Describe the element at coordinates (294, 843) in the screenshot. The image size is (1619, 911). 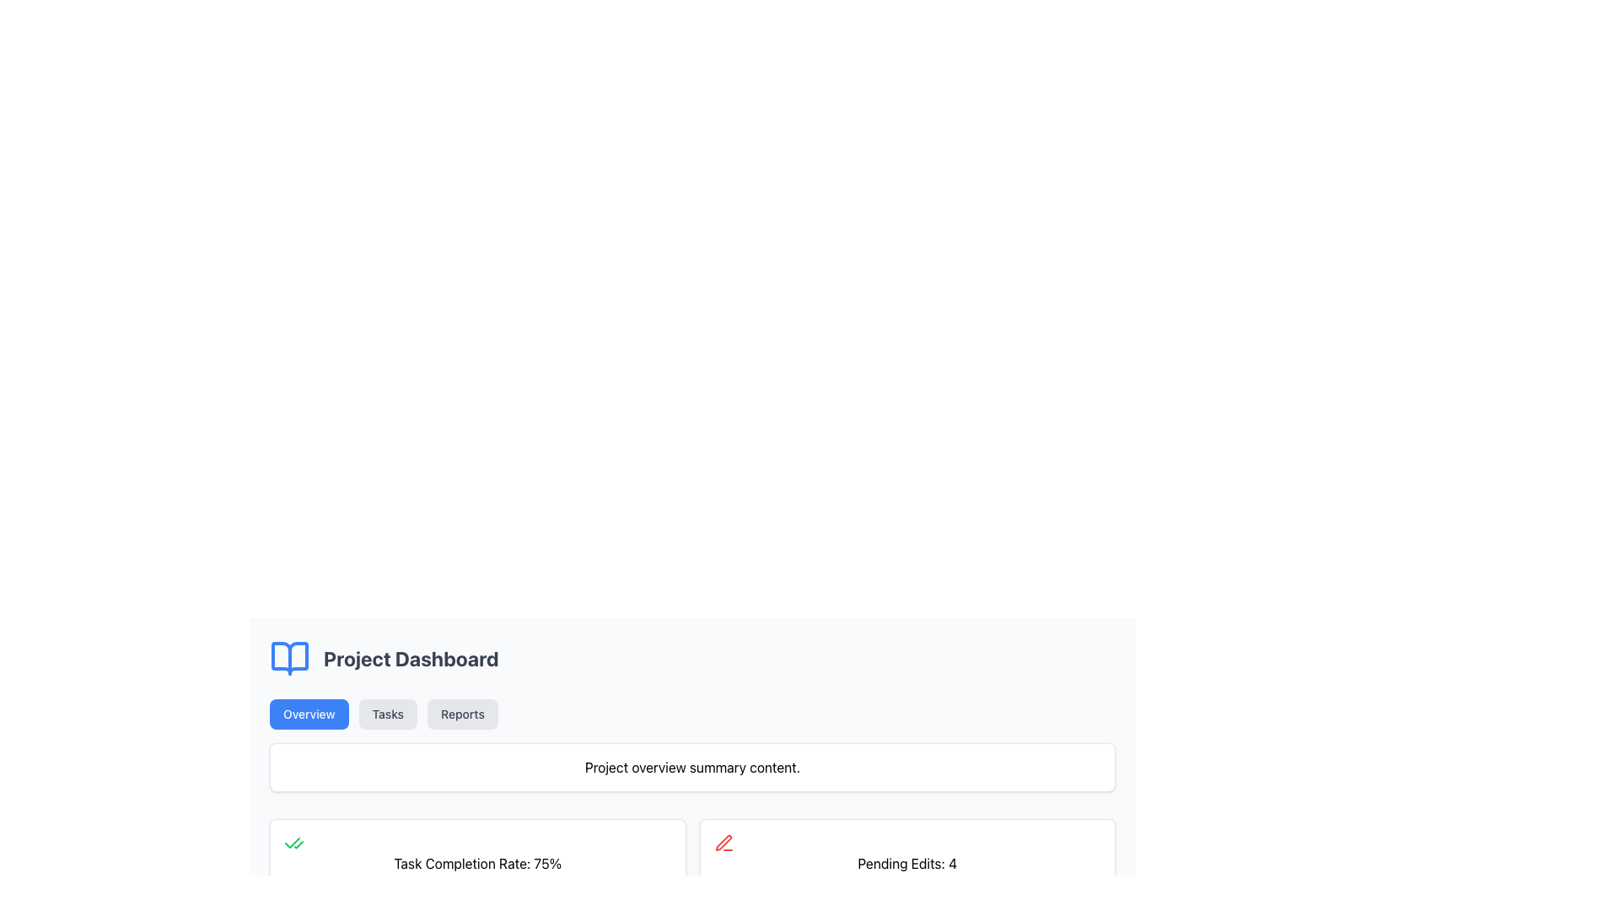
I see `the task completion indicator icon located within the card displaying 'Task Completion Rate: 75%', positioned to the left of the text` at that location.